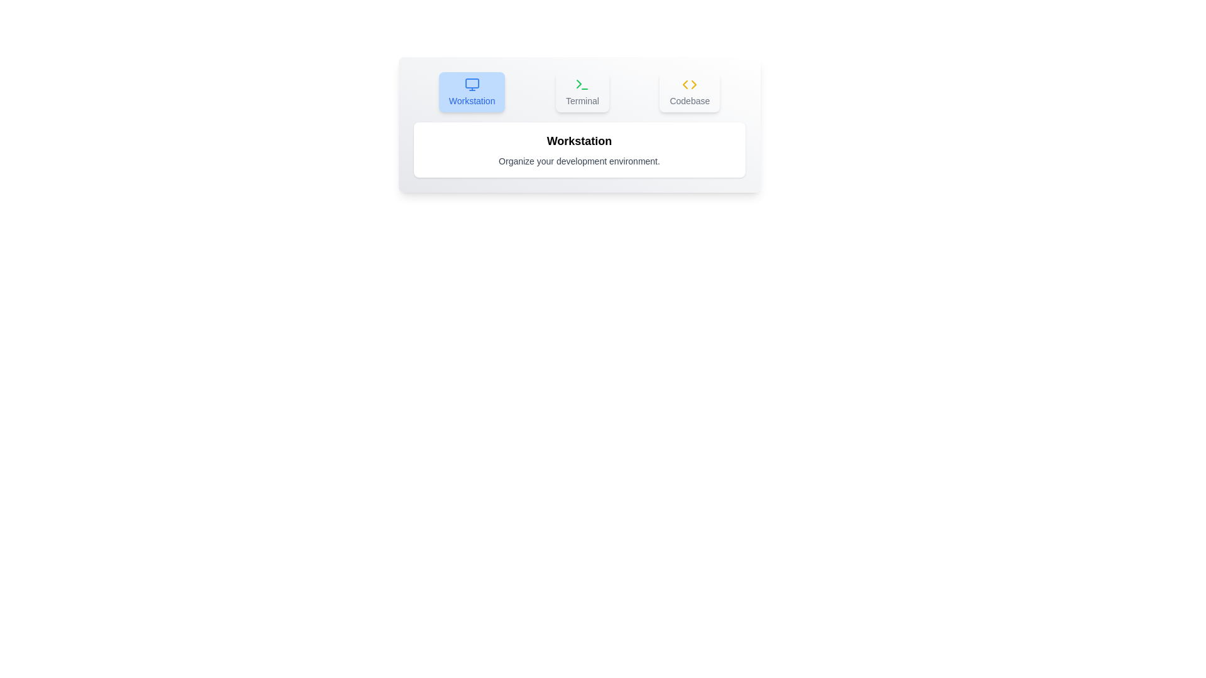 The height and width of the screenshot is (678, 1206). Describe the element at coordinates (471, 91) in the screenshot. I see `the Workstation tab to observe the visual effect` at that location.